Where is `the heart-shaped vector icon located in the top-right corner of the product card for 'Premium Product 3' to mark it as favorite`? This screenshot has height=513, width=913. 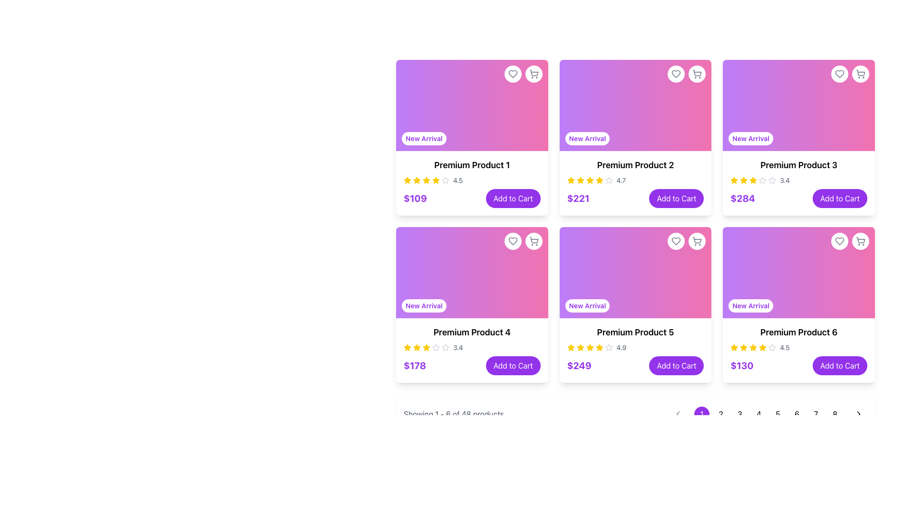
the heart-shaped vector icon located in the top-right corner of the product card for 'Premium Product 3' to mark it as favorite is located at coordinates (840, 73).